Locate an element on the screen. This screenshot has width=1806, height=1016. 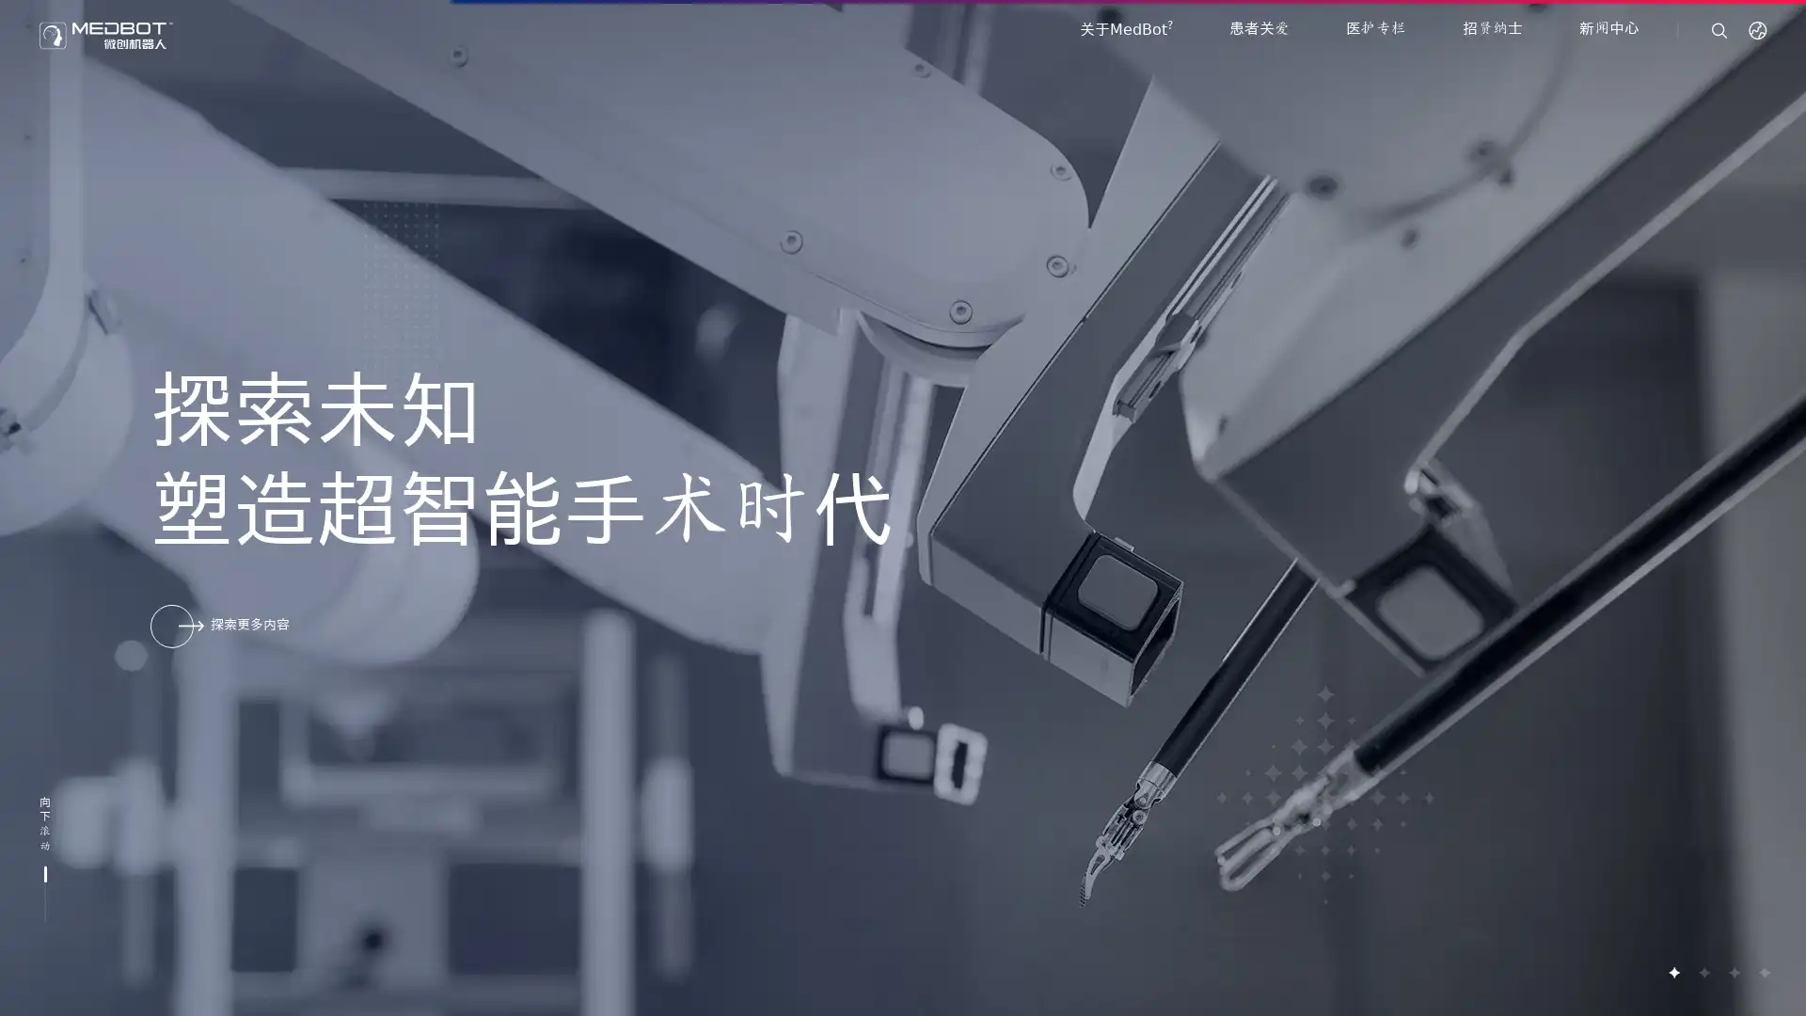
Go to slide 1 is located at coordinates (1673, 972).